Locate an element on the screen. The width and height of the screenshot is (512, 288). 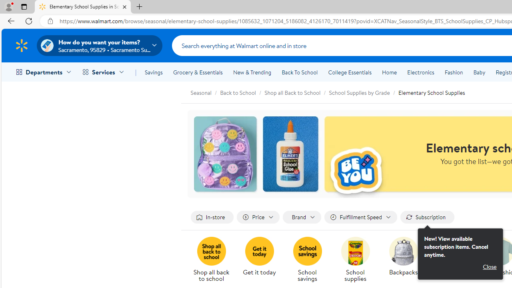
'Fashion' is located at coordinates (454, 72).